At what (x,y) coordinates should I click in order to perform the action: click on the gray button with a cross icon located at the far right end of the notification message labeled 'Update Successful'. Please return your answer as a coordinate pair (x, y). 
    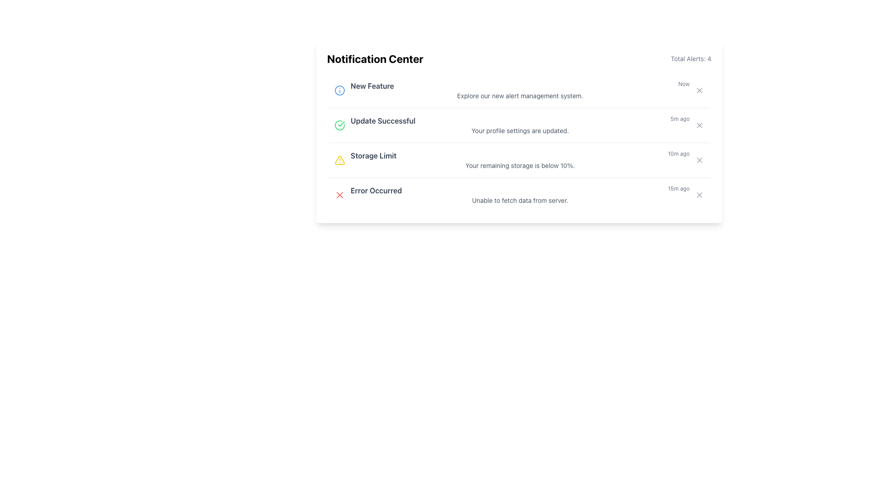
    Looking at the image, I should click on (699, 125).